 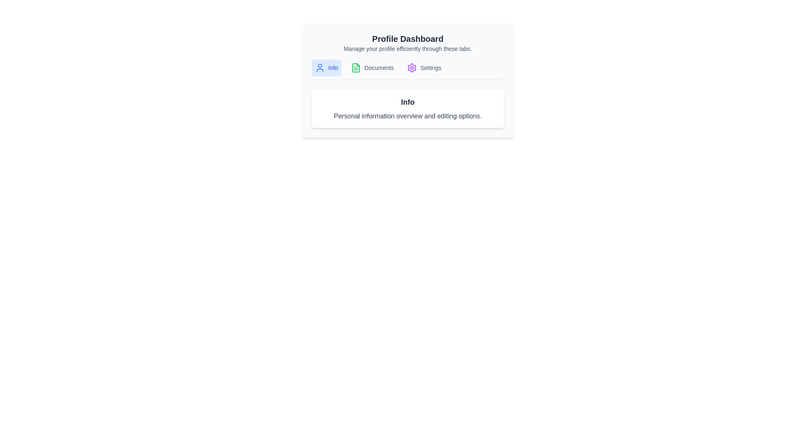 I want to click on the Documents tab to view its content, so click(x=372, y=67).